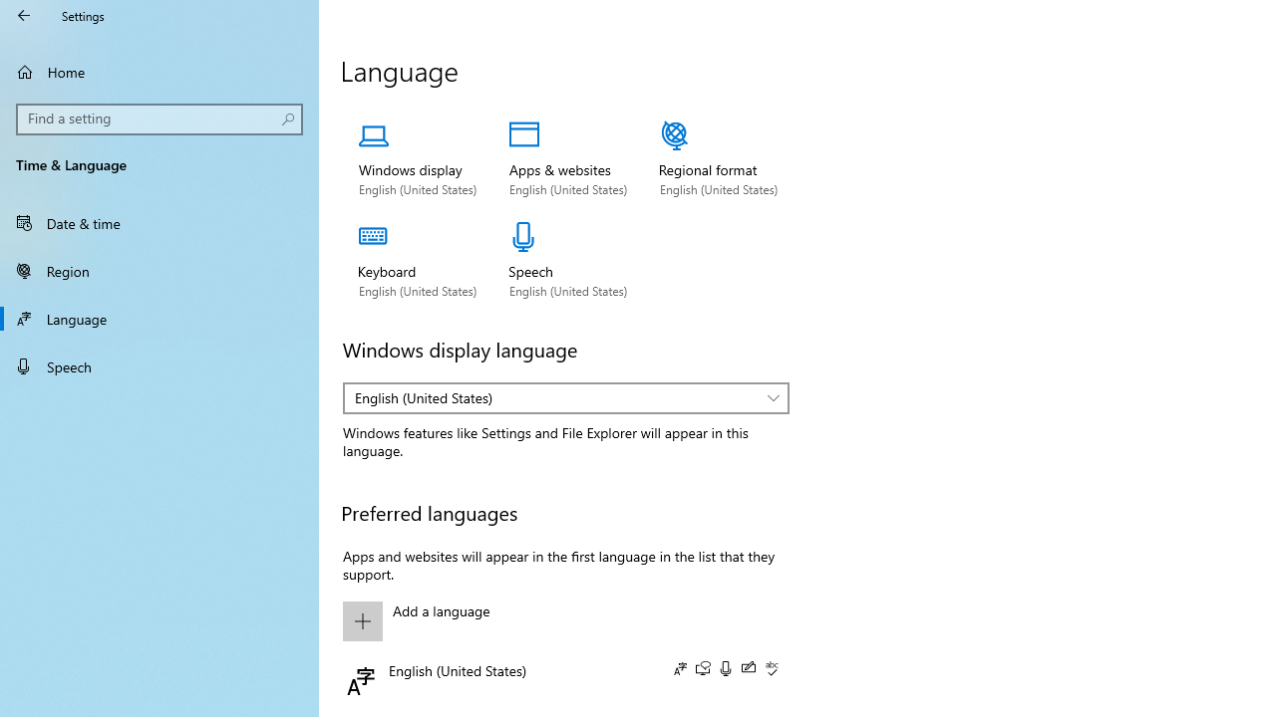 The height and width of the screenshot is (717, 1276). Describe the element at coordinates (567, 158) in the screenshot. I see `'Manage apps and websites language'` at that location.